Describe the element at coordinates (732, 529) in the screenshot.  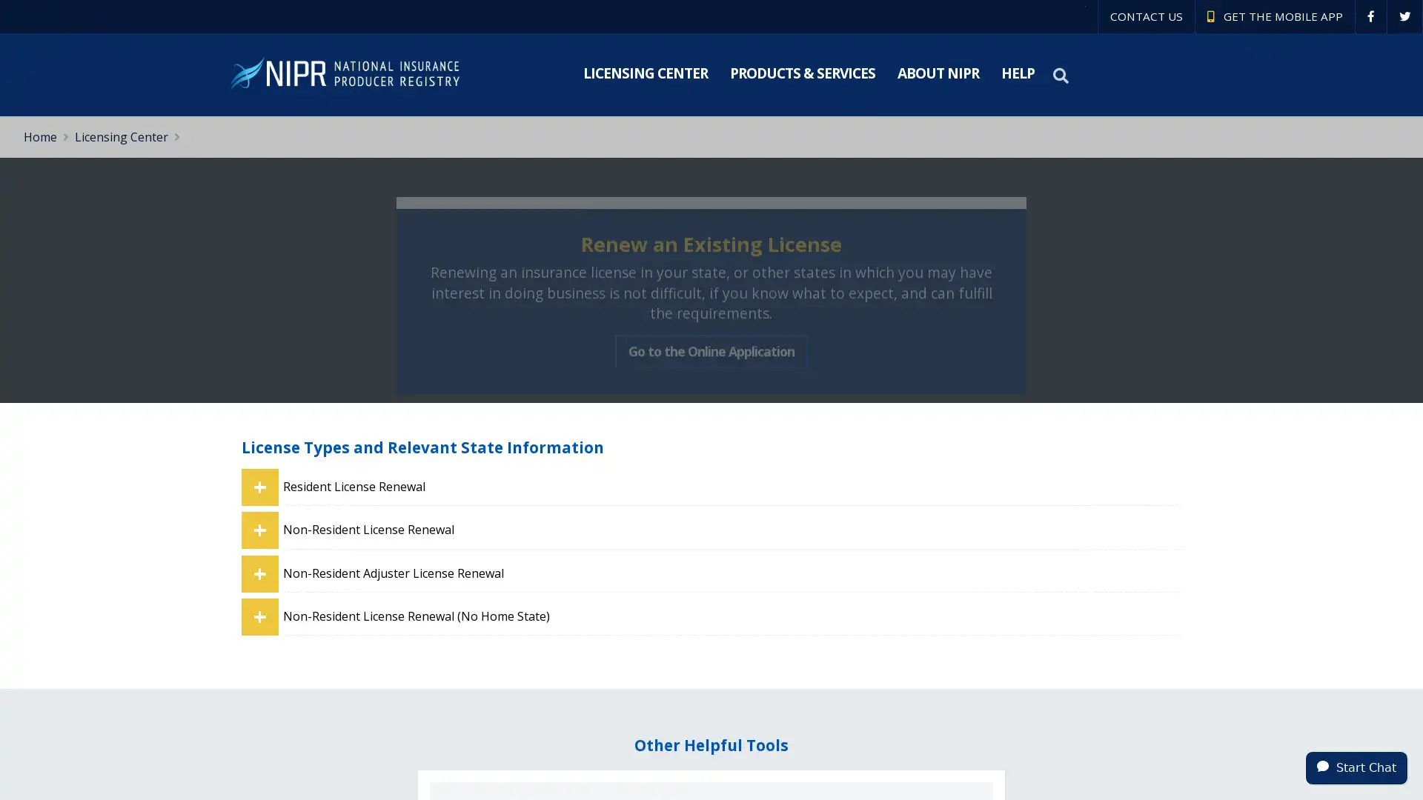
I see `Non-Resident License Renewal` at that location.